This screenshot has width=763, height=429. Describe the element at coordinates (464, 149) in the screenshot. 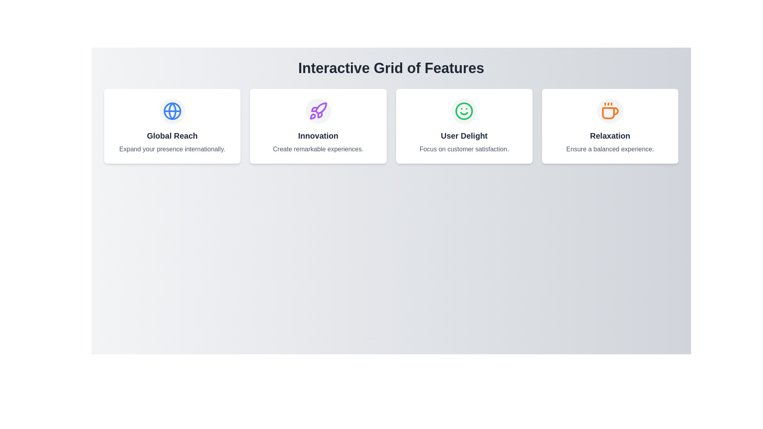

I see `the descriptive text supporting the heading 'User Delight', located in the second text field of the third card from the left in a horizontal arrangement of four cards` at that location.